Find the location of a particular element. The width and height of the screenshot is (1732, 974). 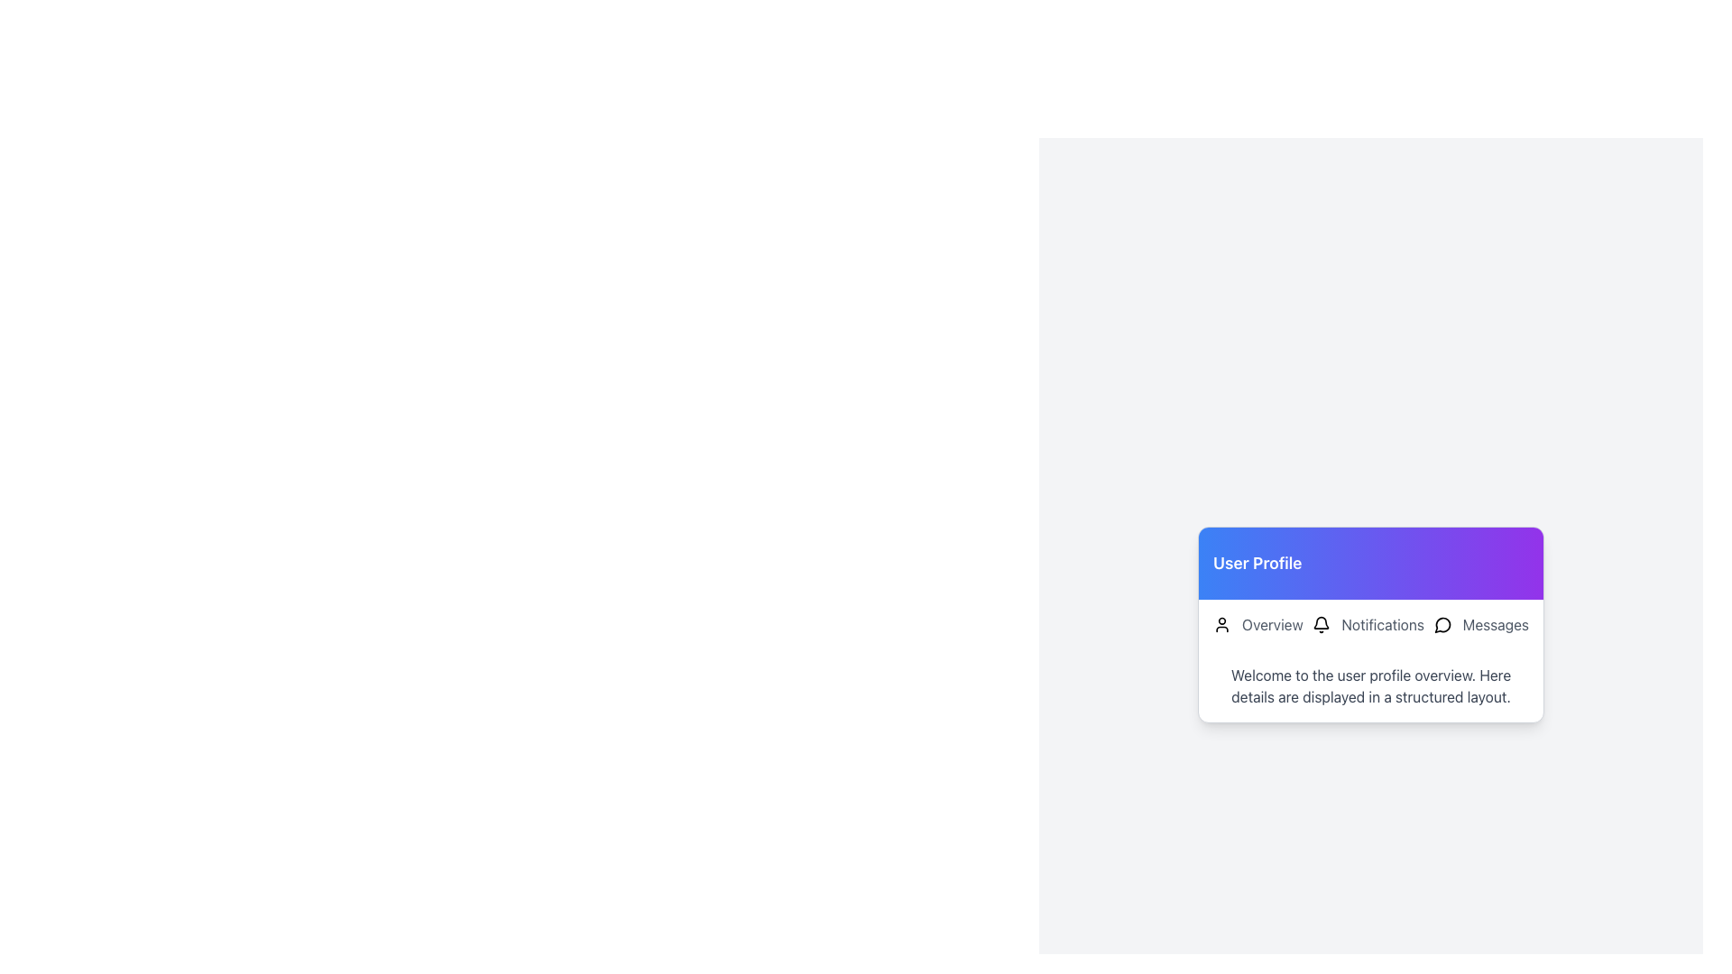

the notifications button located in the middle section of the horizontal menu within the 'User Profile' card, which is the second option following 'Overview' and preceding 'Messages' is located at coordinates (1368, 624).